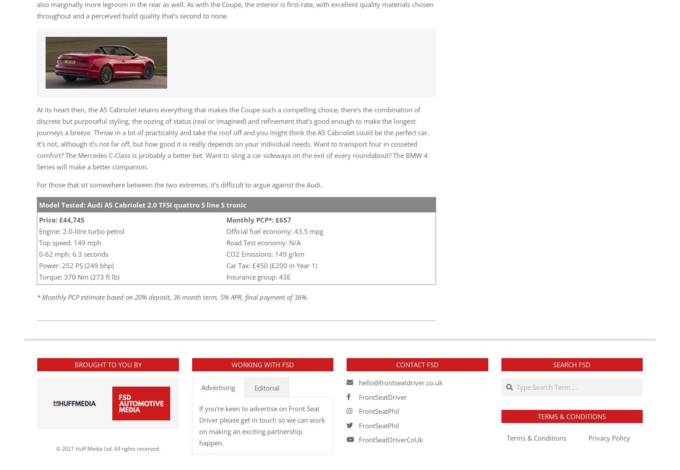  I want to click on 'Price: £44,745', so click(62, 219).